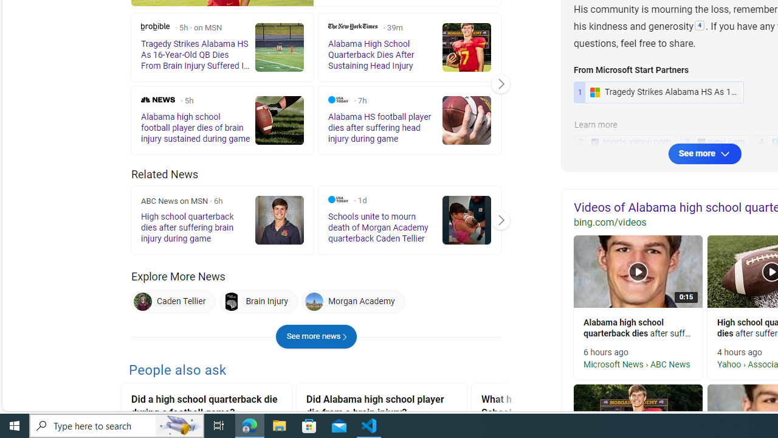 This screenshot has width=778, height=438. I want to click on 'Morgan Academy', so click(314, 301).